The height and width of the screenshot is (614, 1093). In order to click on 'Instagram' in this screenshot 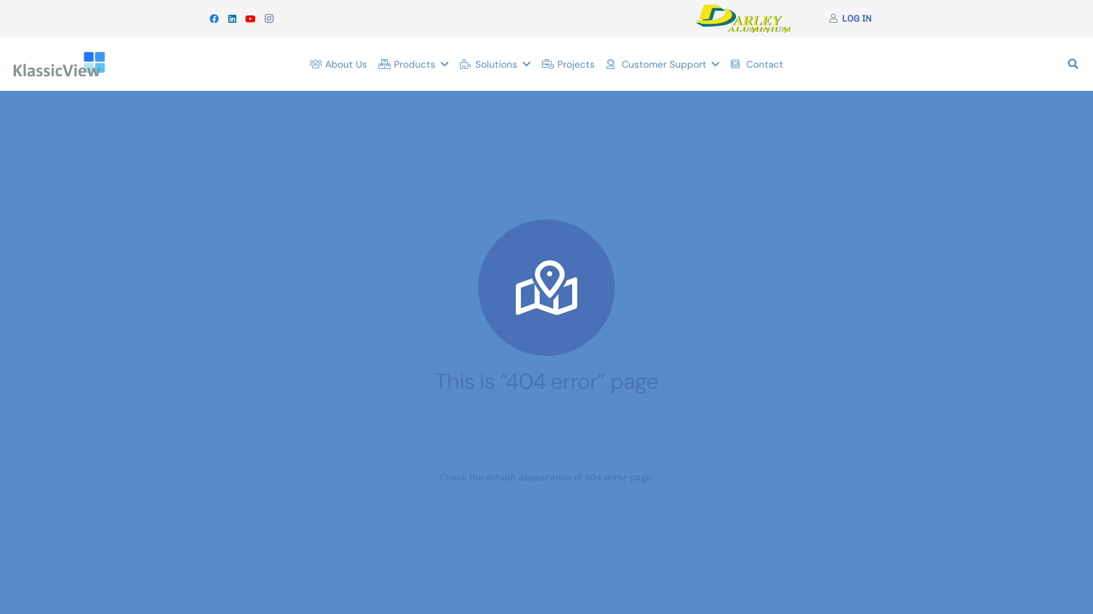, I will do `click(259, 18)`.